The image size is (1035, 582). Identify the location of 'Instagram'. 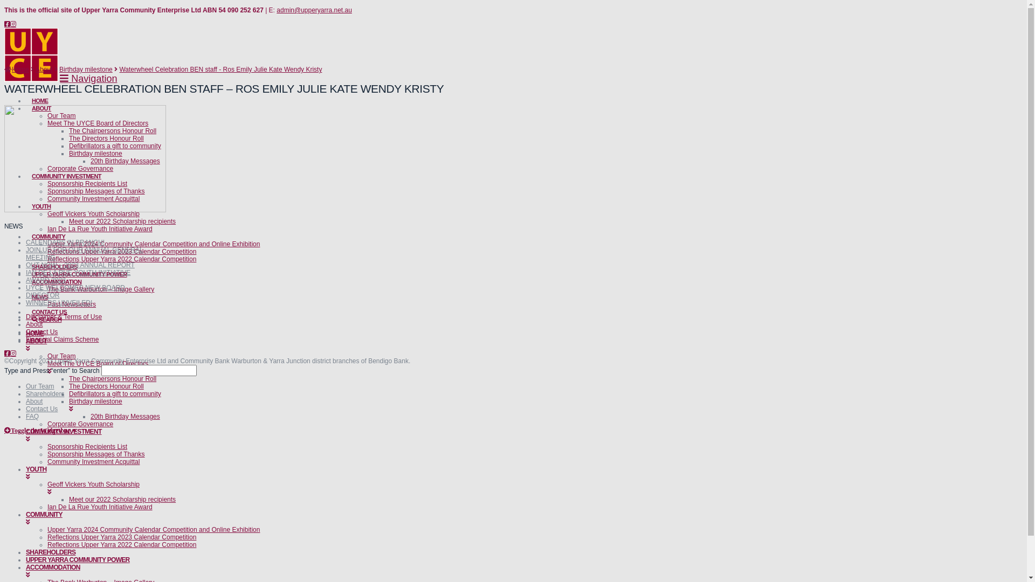
(13, 353).